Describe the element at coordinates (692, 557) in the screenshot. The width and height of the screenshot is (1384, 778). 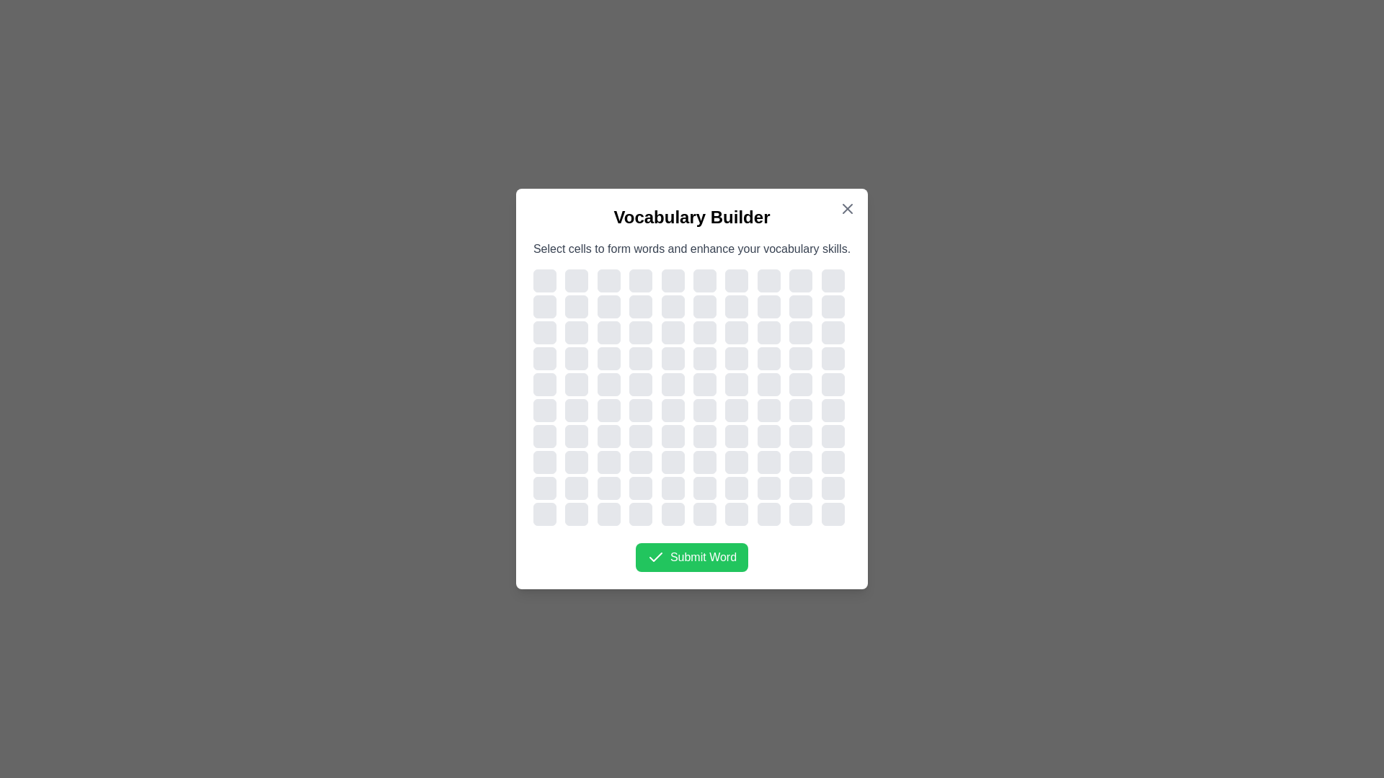
I see `the 'Submit Word' button to submit the selected word` at that location.